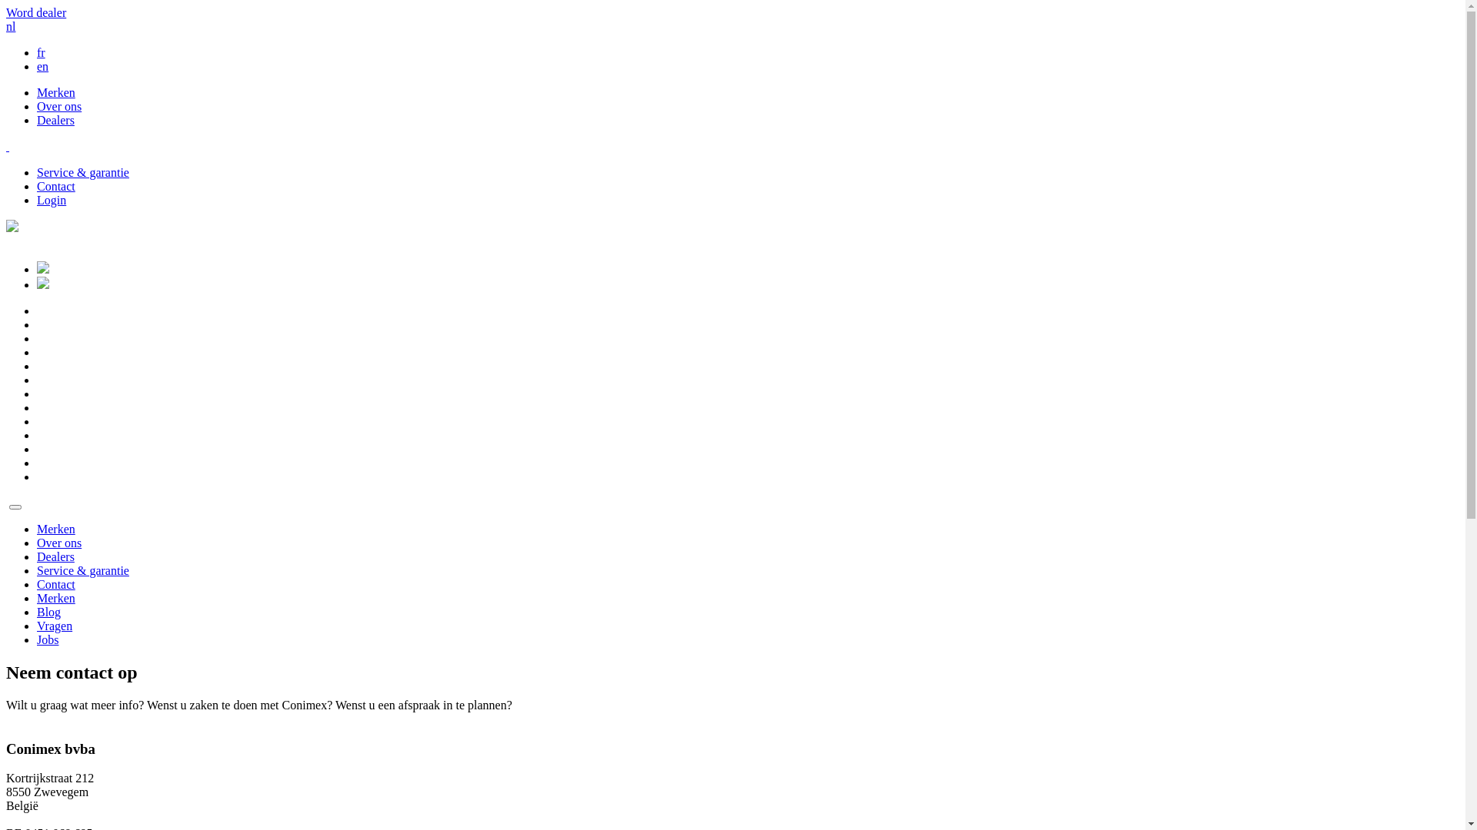 This screenshot has height=830, width=1477. I want to click on 'nl', so click(11, 26).